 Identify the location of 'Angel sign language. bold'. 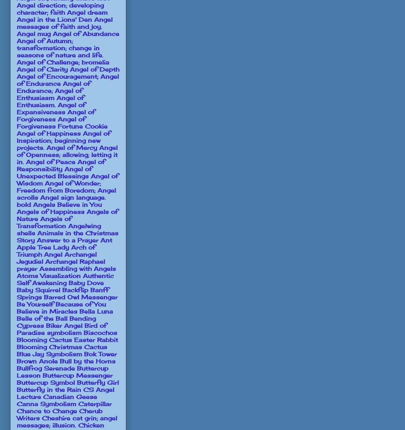
(61, 200).